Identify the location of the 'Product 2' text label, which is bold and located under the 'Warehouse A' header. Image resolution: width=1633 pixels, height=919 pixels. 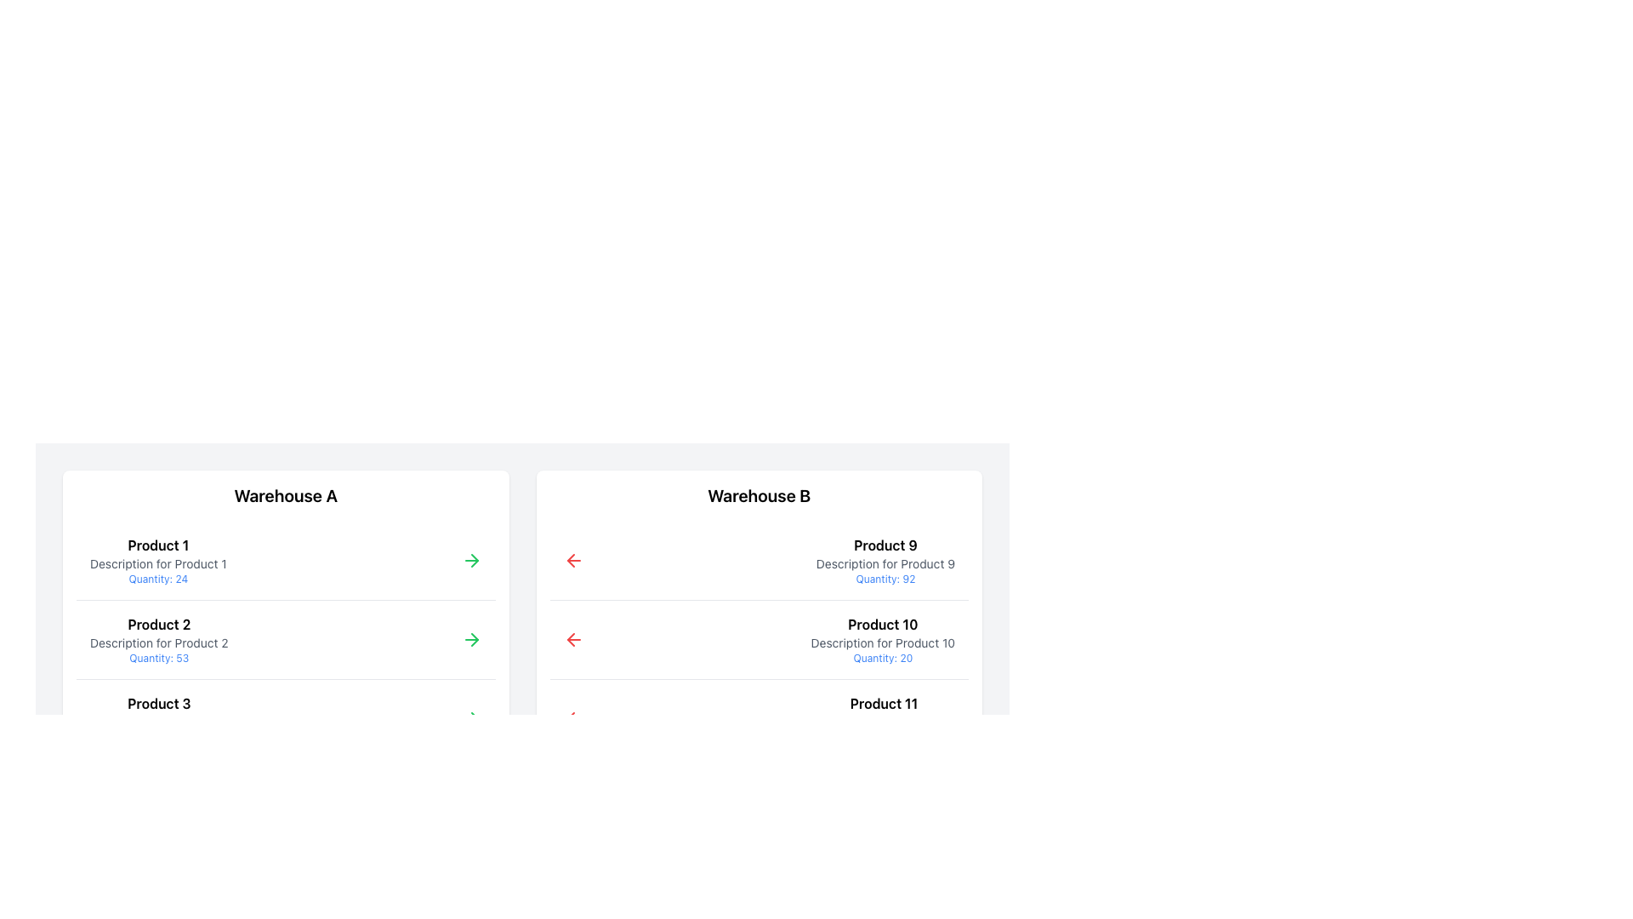
(159, 624).